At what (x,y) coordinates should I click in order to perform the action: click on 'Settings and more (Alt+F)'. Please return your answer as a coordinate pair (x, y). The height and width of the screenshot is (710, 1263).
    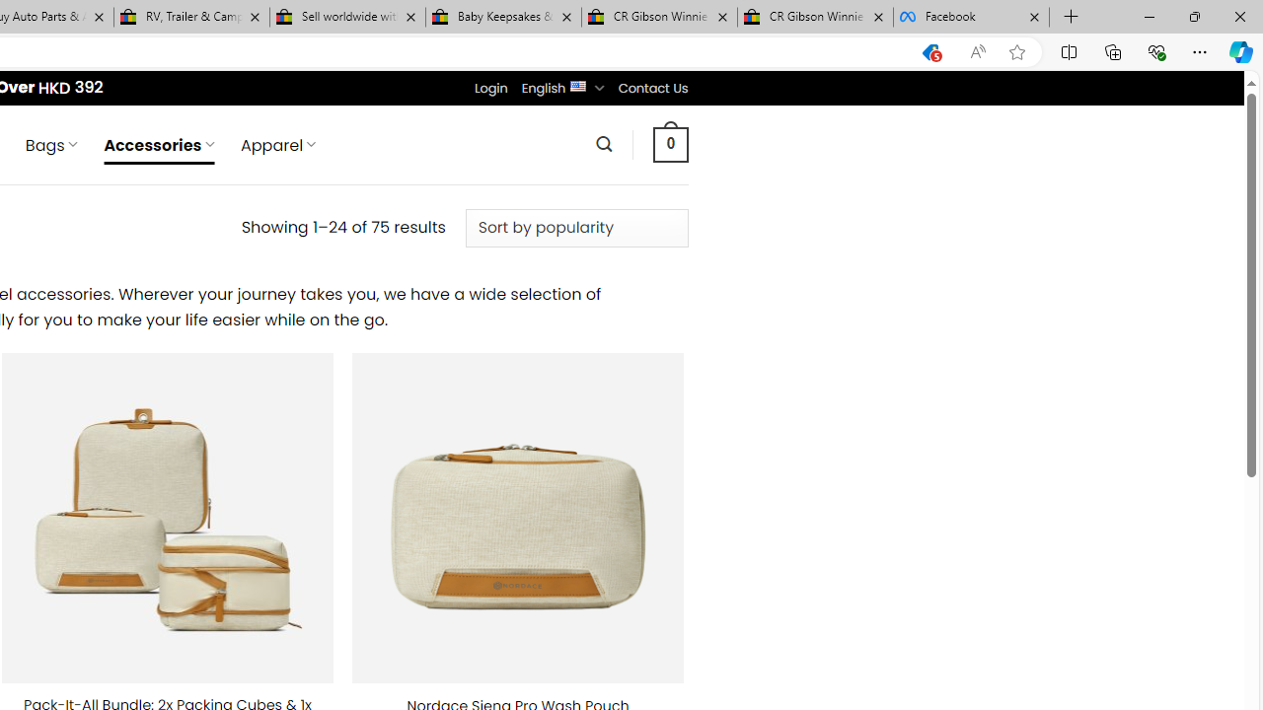
    Looking at the image, I should click on (1199, 50).